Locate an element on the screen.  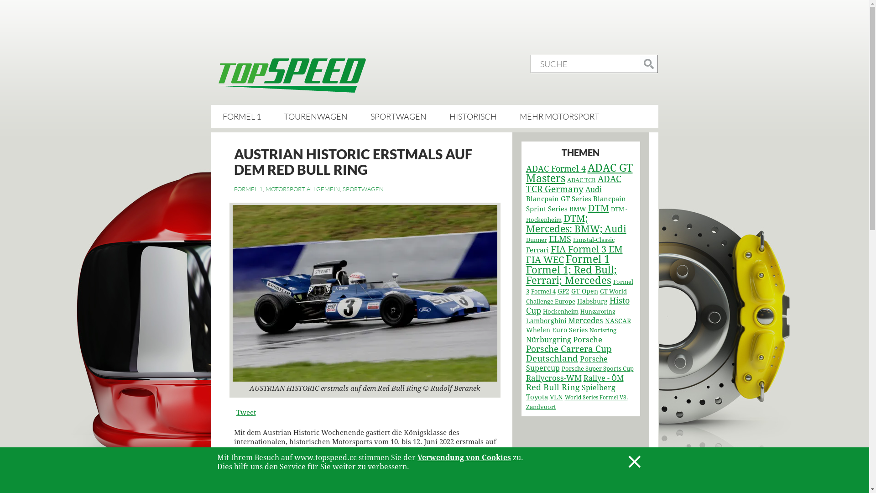
'ADAC TCR Germany' is located at coordinates (573, 184).